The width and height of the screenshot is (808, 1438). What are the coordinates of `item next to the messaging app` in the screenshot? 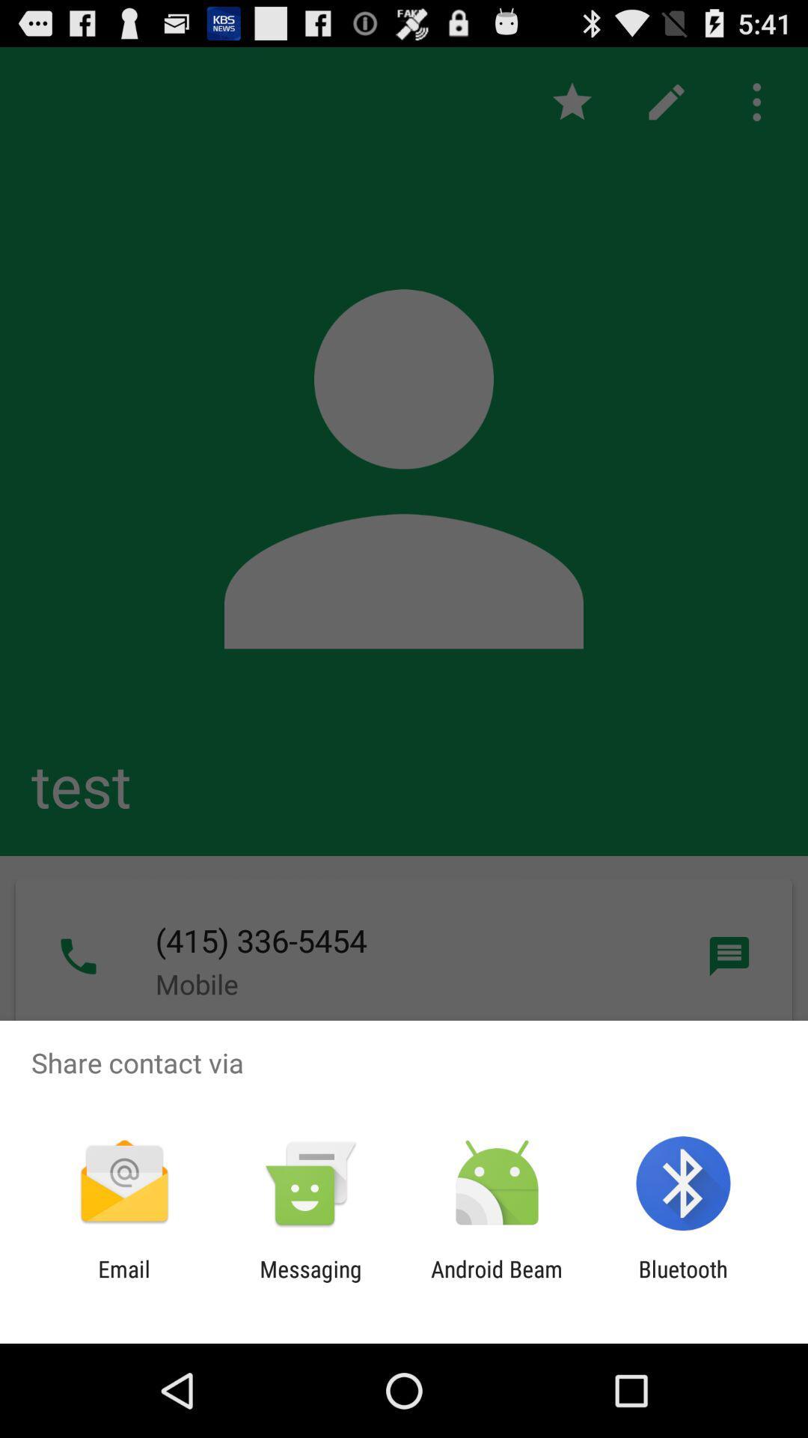 It's located at (123, 1281).